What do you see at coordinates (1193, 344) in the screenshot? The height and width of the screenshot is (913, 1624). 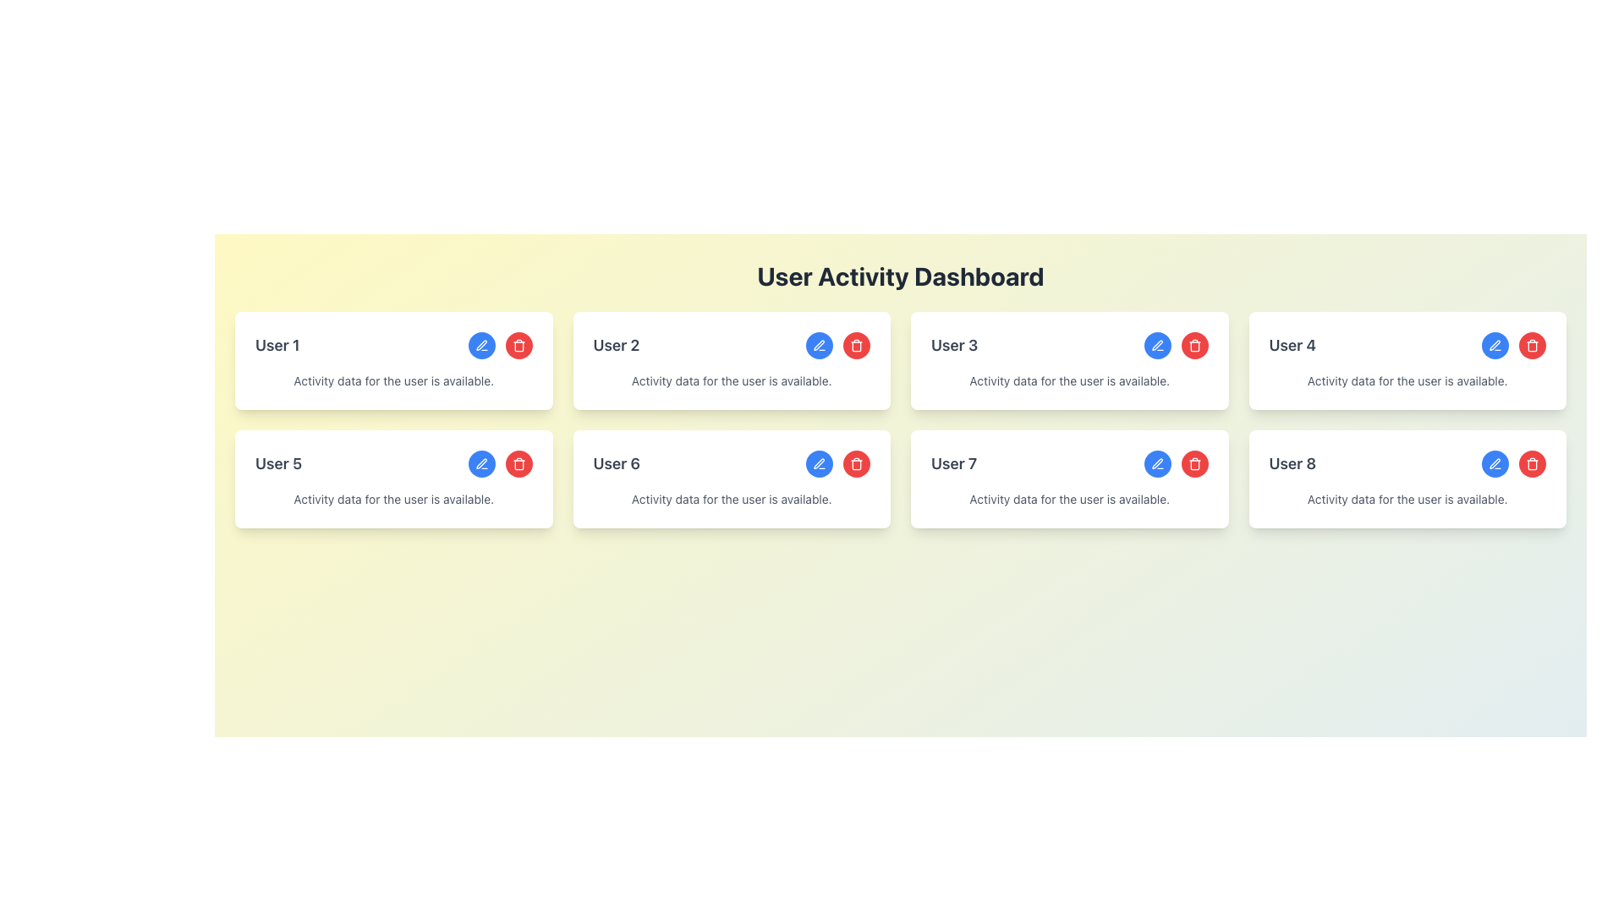 I see `the delete button located at the right end of the button group on the 'User 3' card` at bounding box center [1193, 344].